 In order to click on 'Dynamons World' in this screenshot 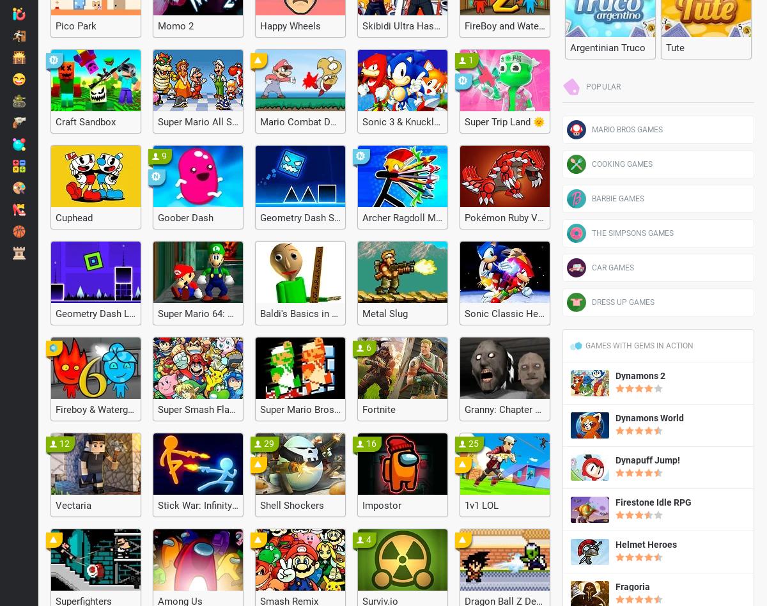, I will do `click(649, 417)`.